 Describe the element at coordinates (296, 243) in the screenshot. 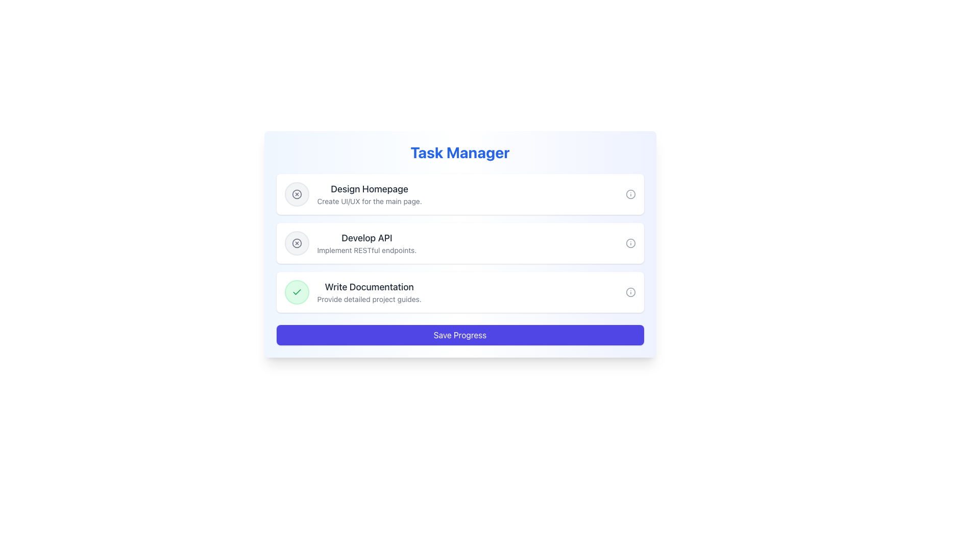

I see `the button located to the left of the 'Develop API' text to mark the associated task as discarded or closed` at that location.